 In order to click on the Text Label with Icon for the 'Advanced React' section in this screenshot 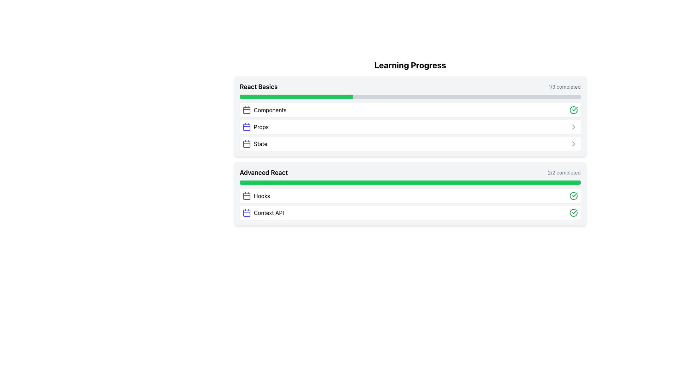, I will do `click(256, 196)`.